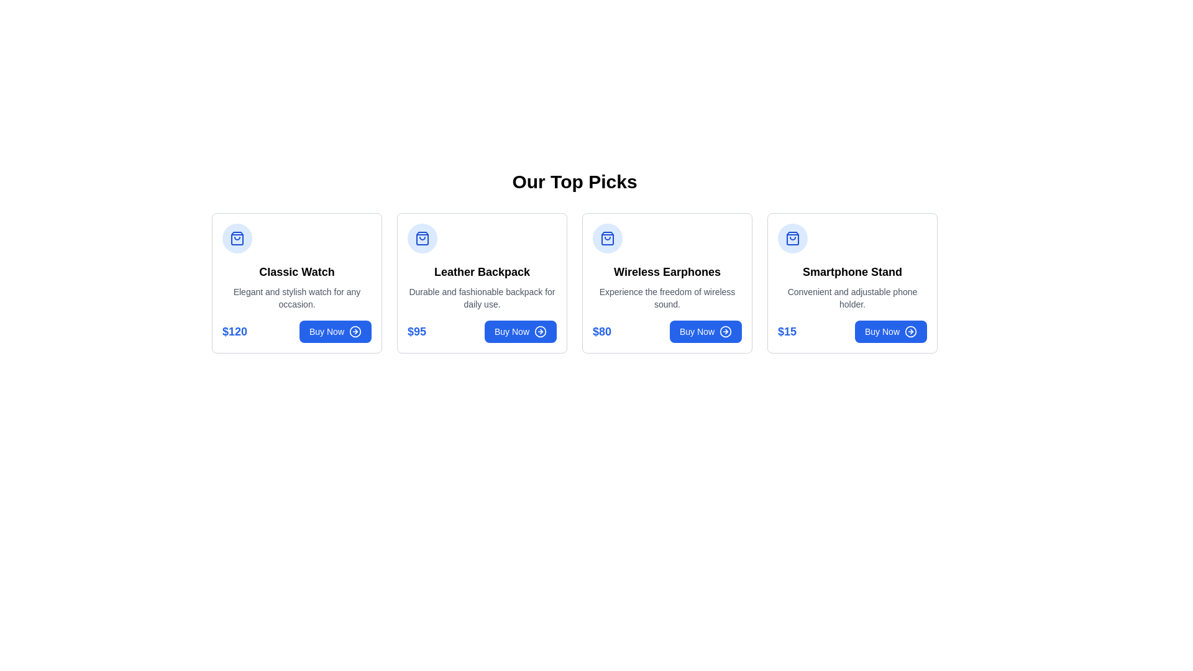  I want to click on the blue shopping bag icon, which is centrally located within a circular light blue background on the 'Wireless Earphones' card, positioned above the title text 'Wireless Earphones', so click(608, 239).